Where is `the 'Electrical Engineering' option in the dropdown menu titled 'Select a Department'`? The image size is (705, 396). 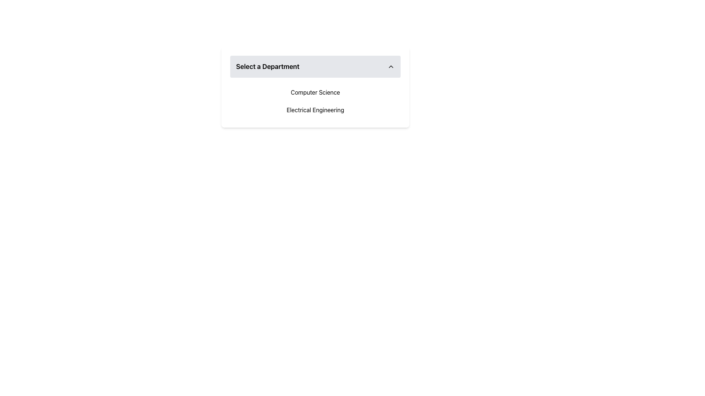
the 'Electrical Engineering' option in the dropdown menu titled 'Select a Department' is located at coordinates (315, 110).